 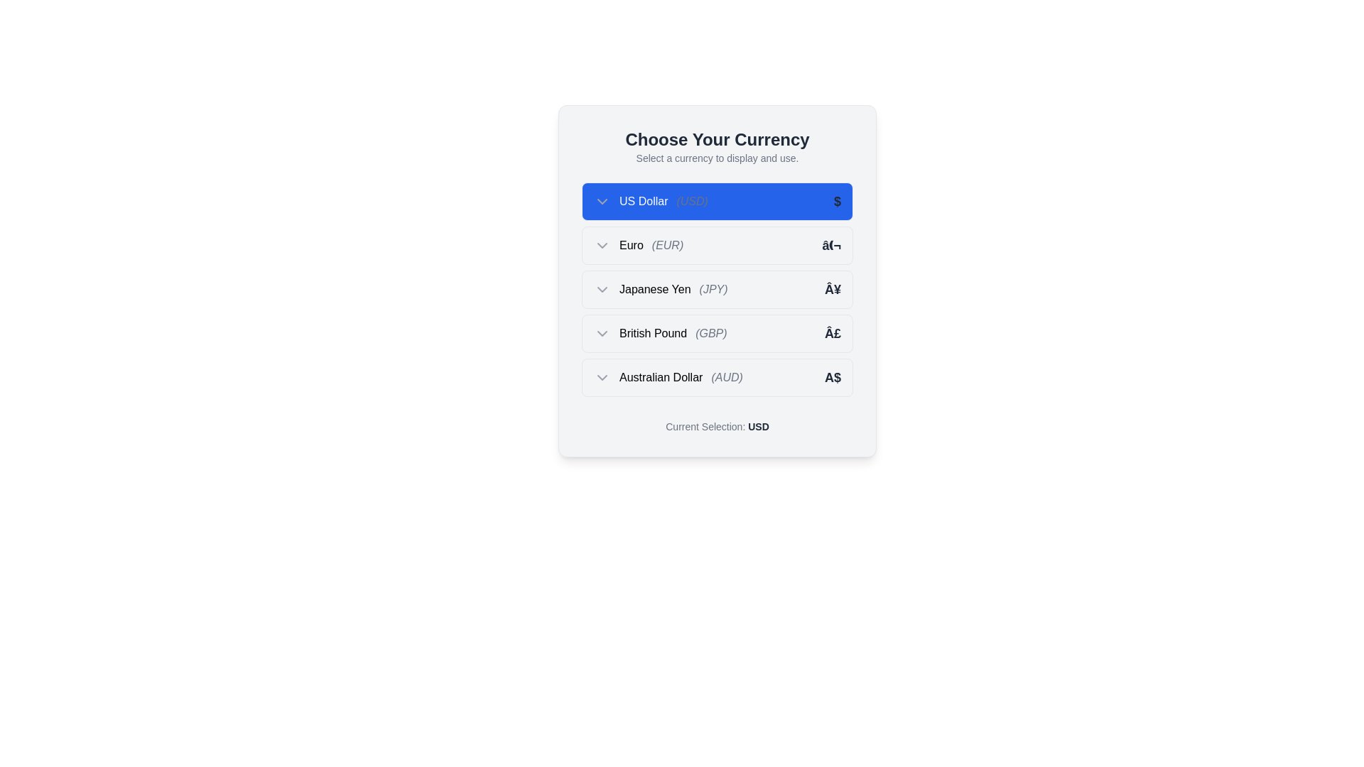 What do you see at coordinates (602, 334) in the screenshot?
I see `the dropdown indicator icon located at the leftmost side of the row for the 'British Pound (GBP)'` at bounding box center [602, 334].